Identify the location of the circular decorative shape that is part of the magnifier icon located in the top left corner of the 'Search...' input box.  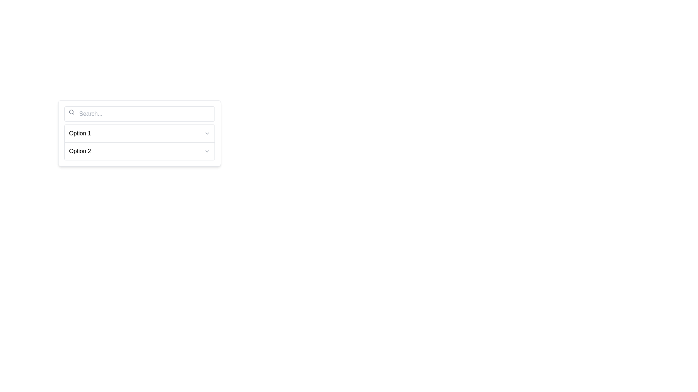
(71, 112).